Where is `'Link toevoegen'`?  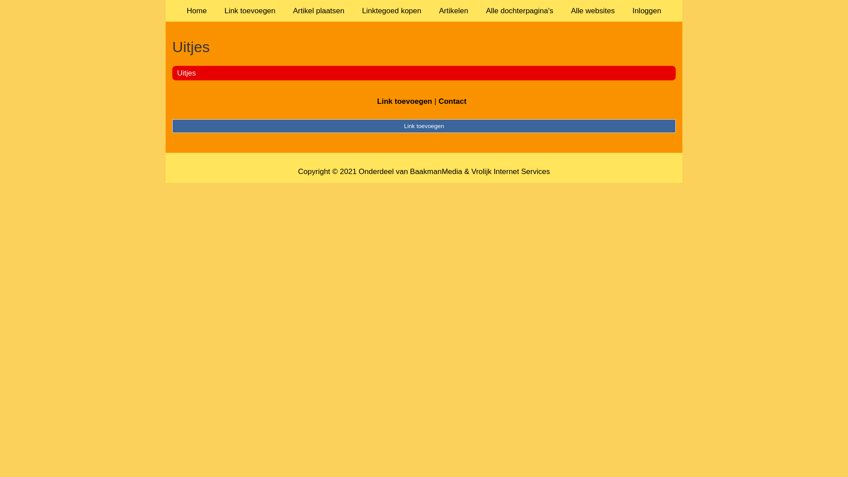
'Link toevoegen' is located at coordinates (404, 101).